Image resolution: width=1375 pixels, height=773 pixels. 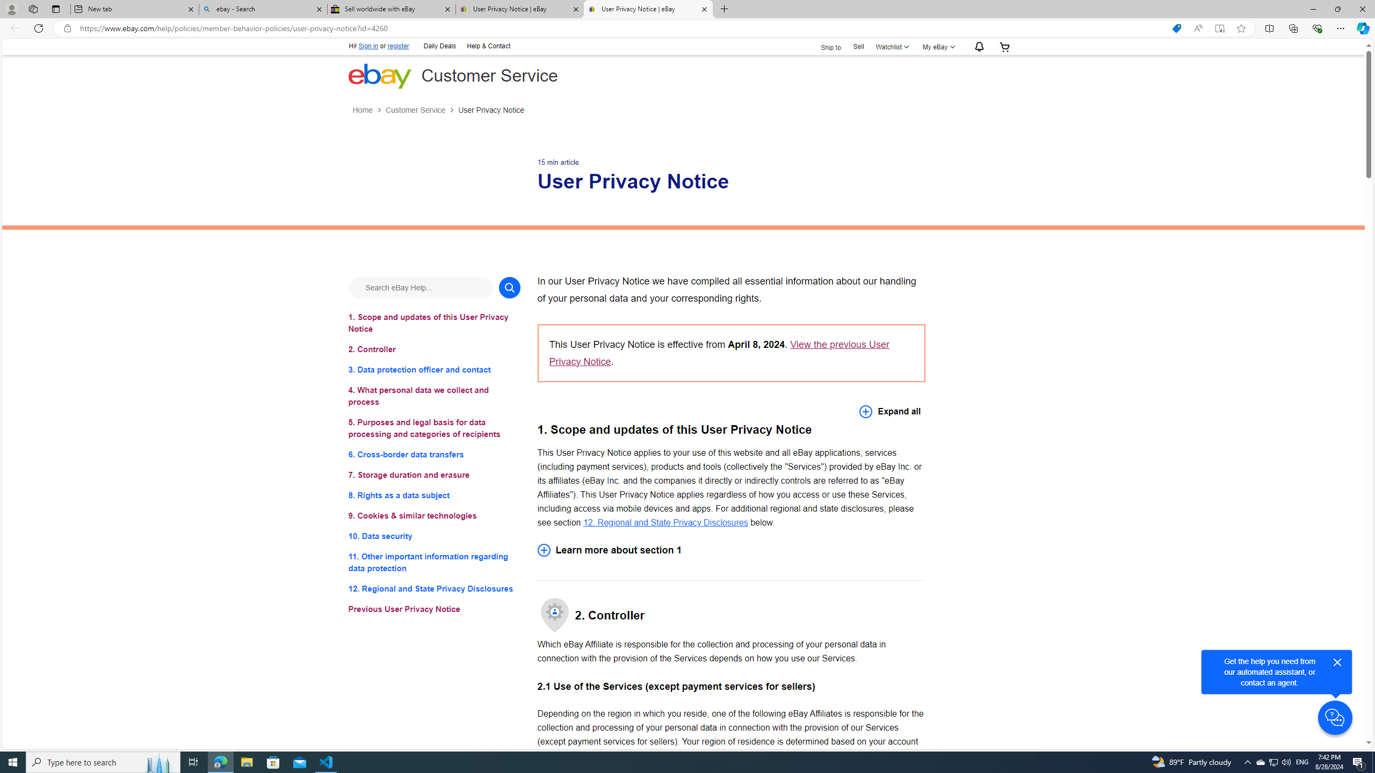 What do you see at coordinates (433, 369) in the screenshot?
I see `'3. Data protection officer and contact'` at bounding box center [433, 369].